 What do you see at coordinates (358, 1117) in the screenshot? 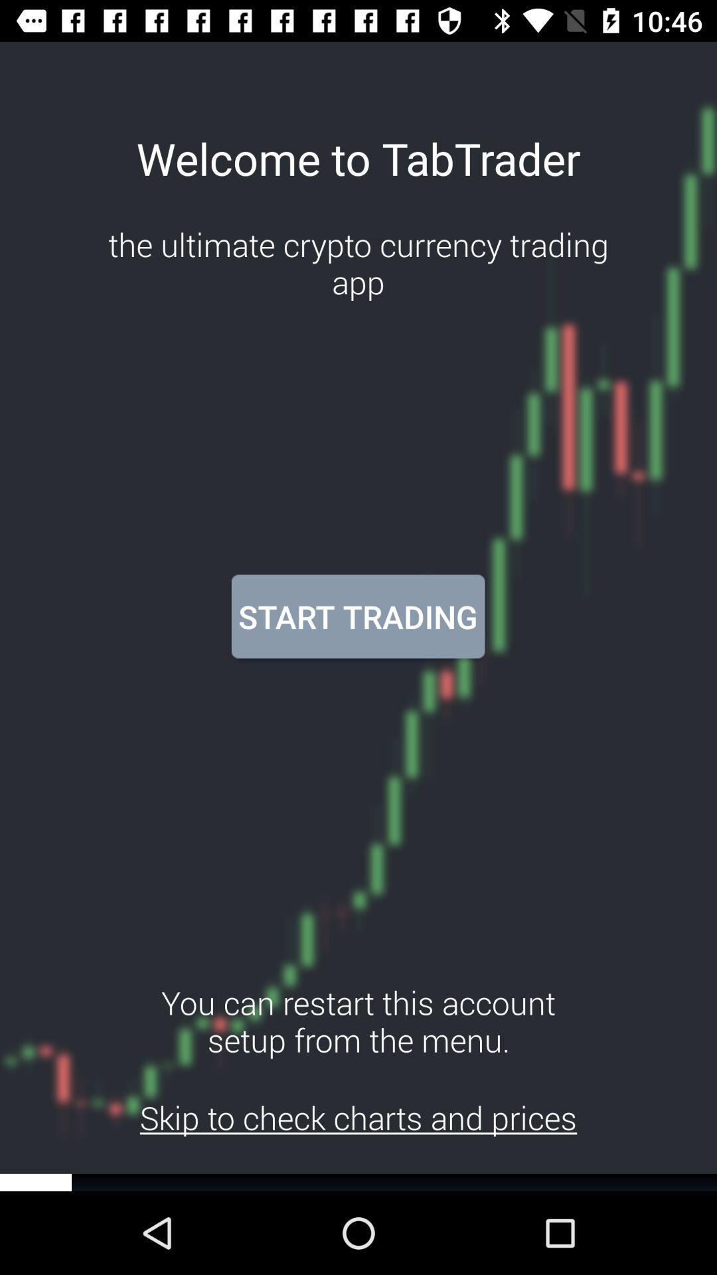
I see `the skip to check item` at bounding box center [358, 1117].